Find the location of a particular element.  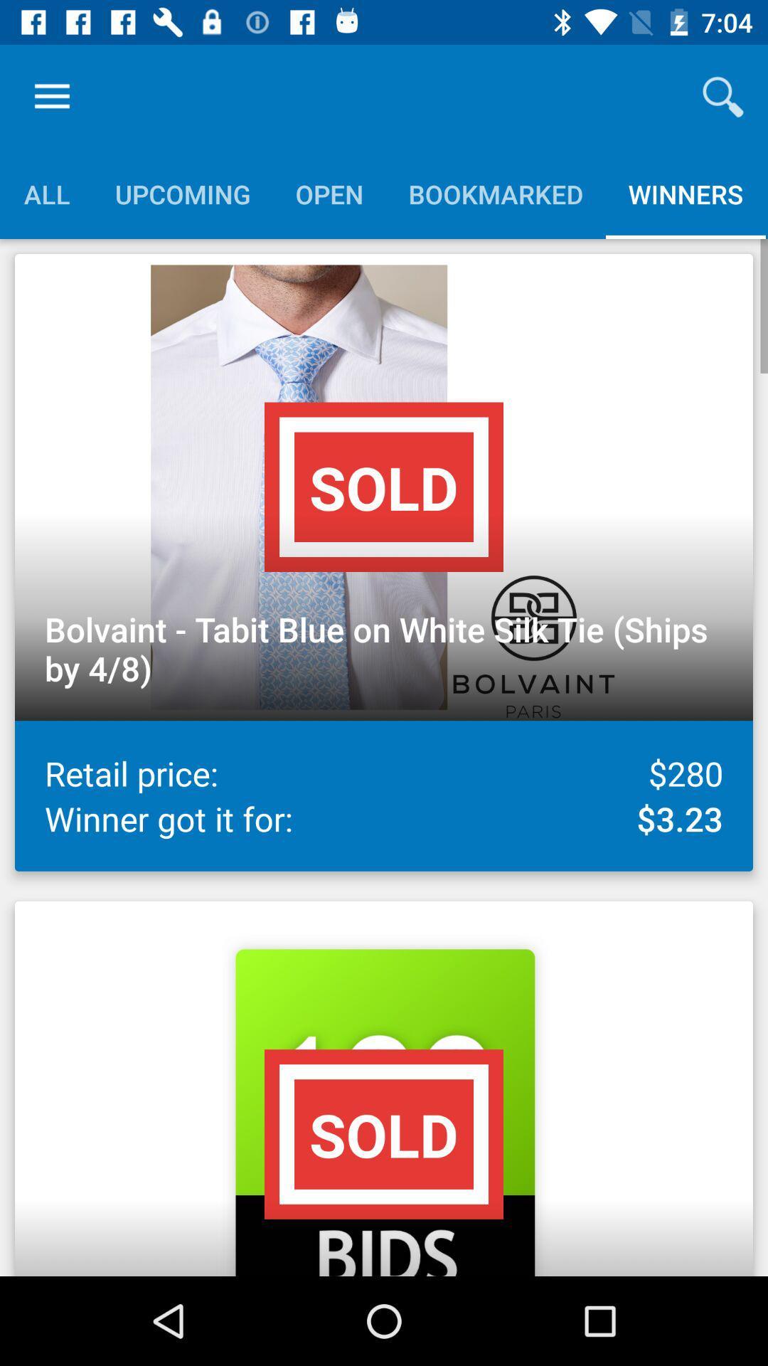

icon above winners is located at coordinates (723, 96).